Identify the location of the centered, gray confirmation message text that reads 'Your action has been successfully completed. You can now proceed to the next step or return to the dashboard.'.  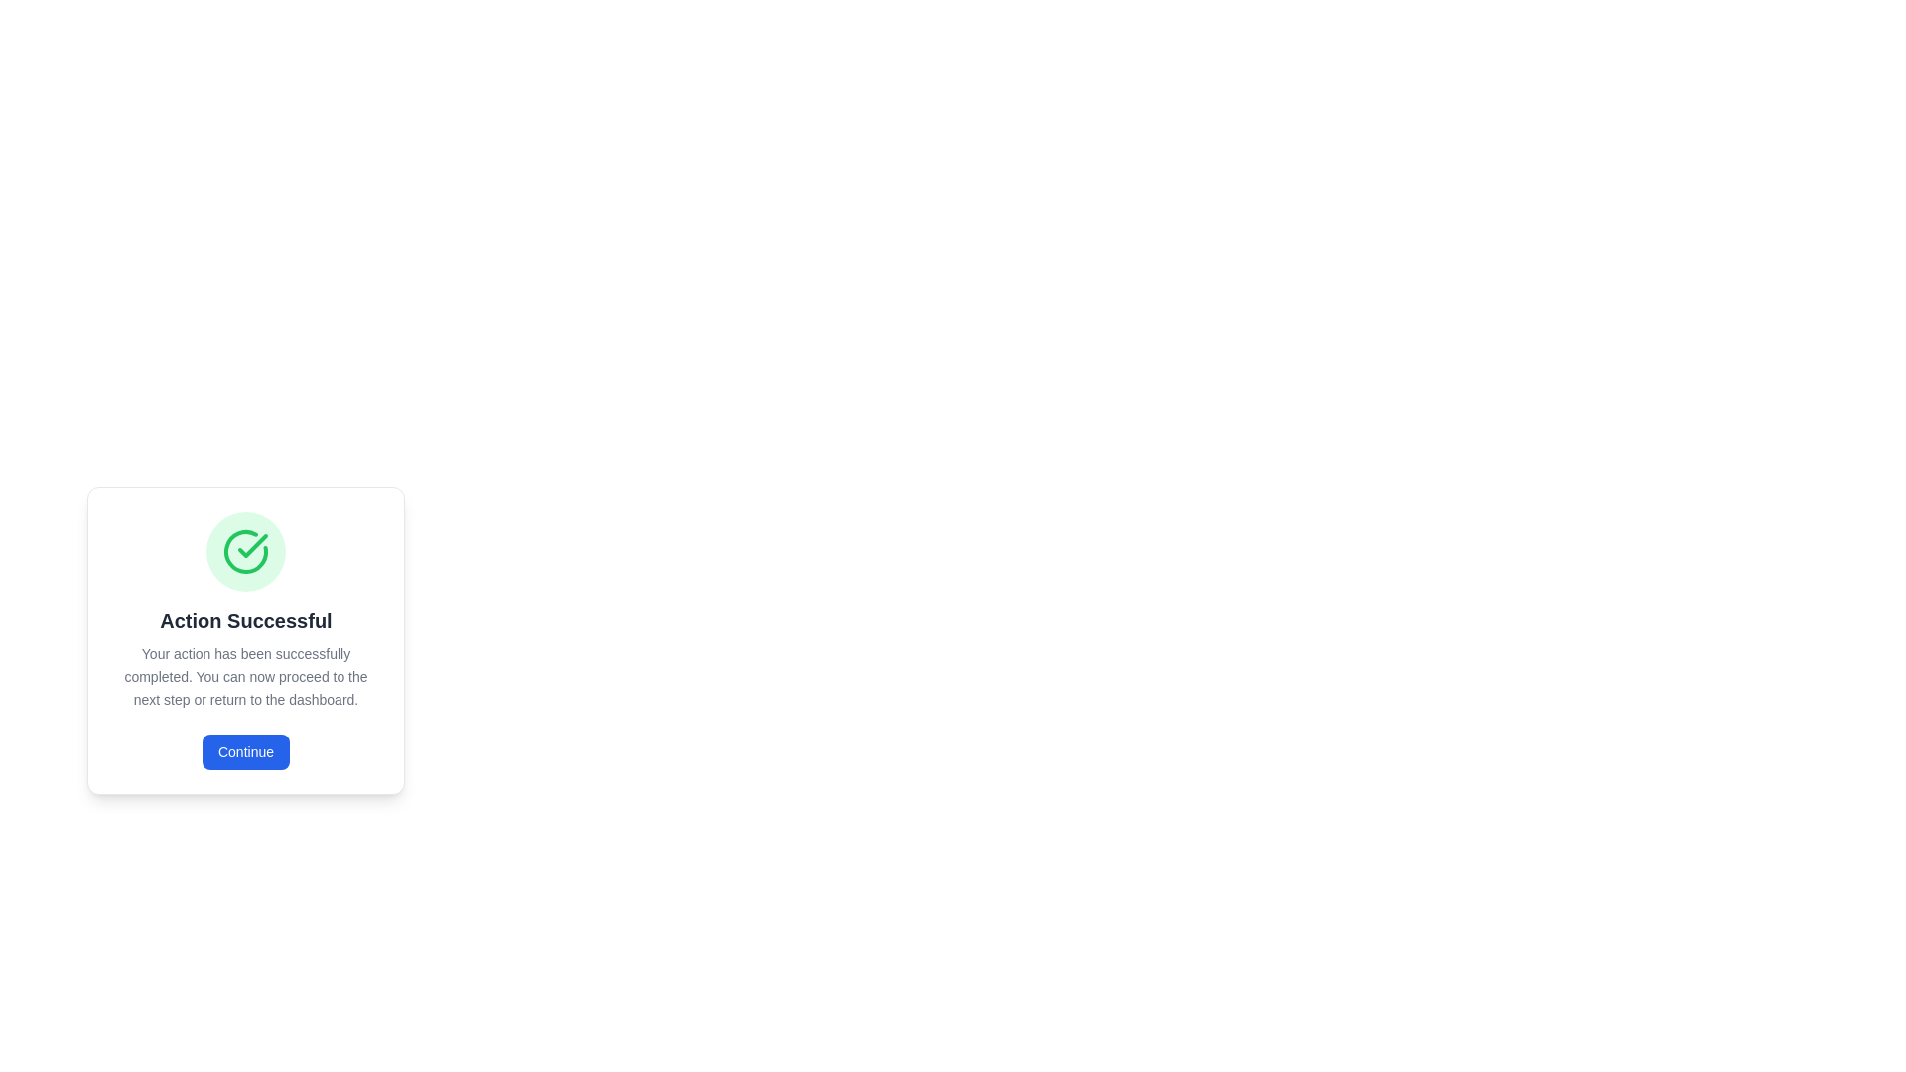
(245, 676).